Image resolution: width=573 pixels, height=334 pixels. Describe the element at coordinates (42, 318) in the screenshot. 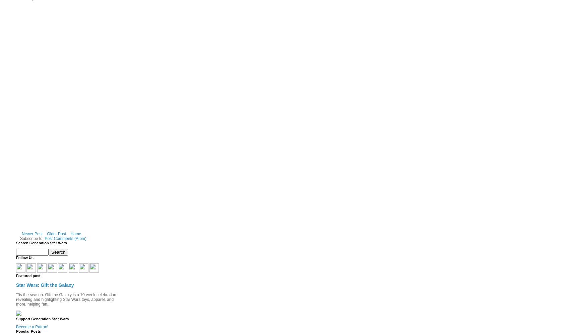

I see `'Support Generation Star Wars'` at that location.